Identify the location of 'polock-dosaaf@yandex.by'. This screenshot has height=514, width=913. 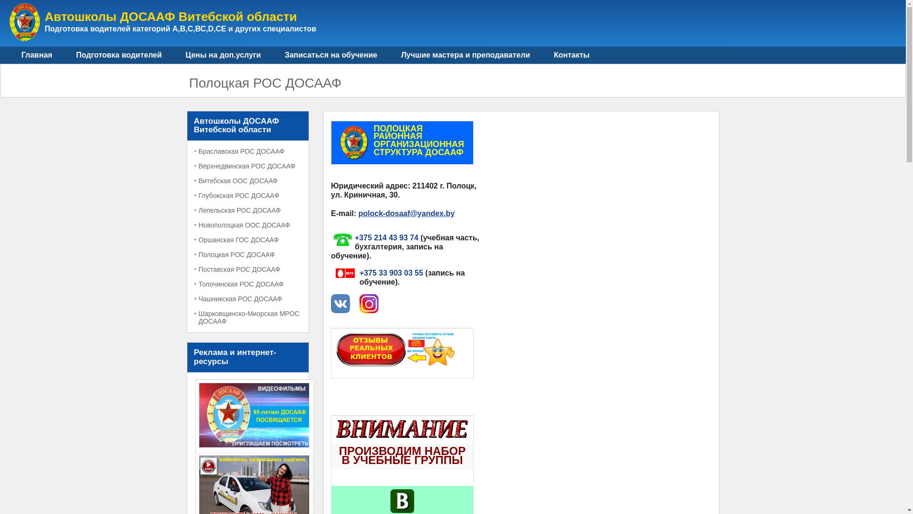
(358, 213).